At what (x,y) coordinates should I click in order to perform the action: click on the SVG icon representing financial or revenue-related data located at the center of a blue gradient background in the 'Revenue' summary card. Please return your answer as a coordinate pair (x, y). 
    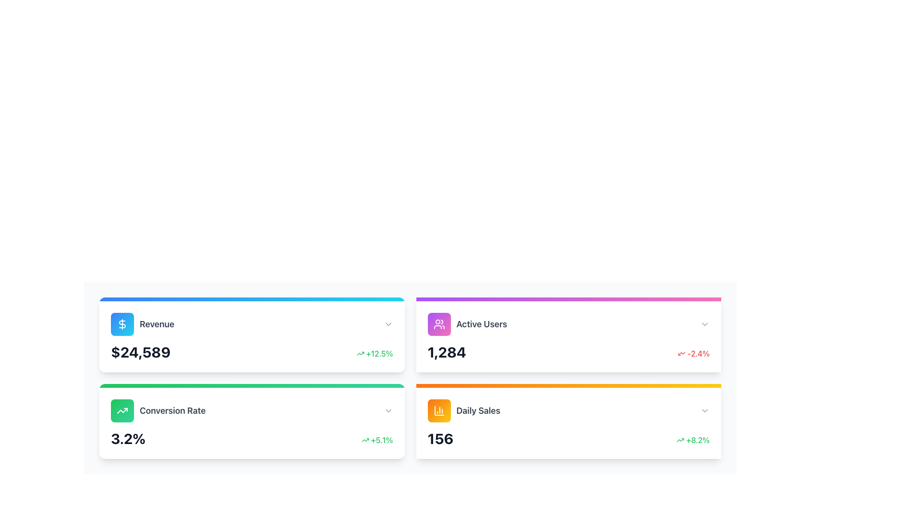
    Looking at the image, I should click on (121, 324).